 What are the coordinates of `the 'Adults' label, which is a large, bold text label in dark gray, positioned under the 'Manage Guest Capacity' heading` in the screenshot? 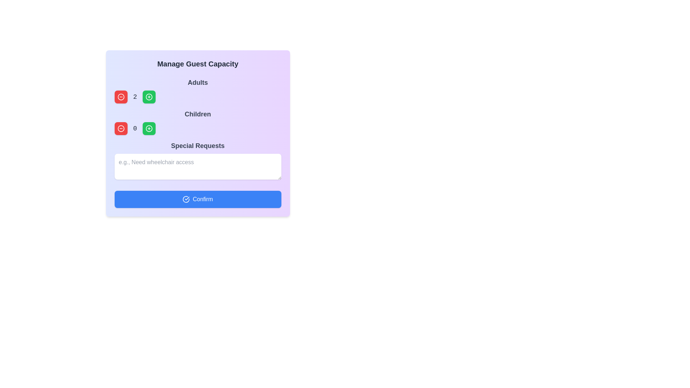 It's located at (198, 82).